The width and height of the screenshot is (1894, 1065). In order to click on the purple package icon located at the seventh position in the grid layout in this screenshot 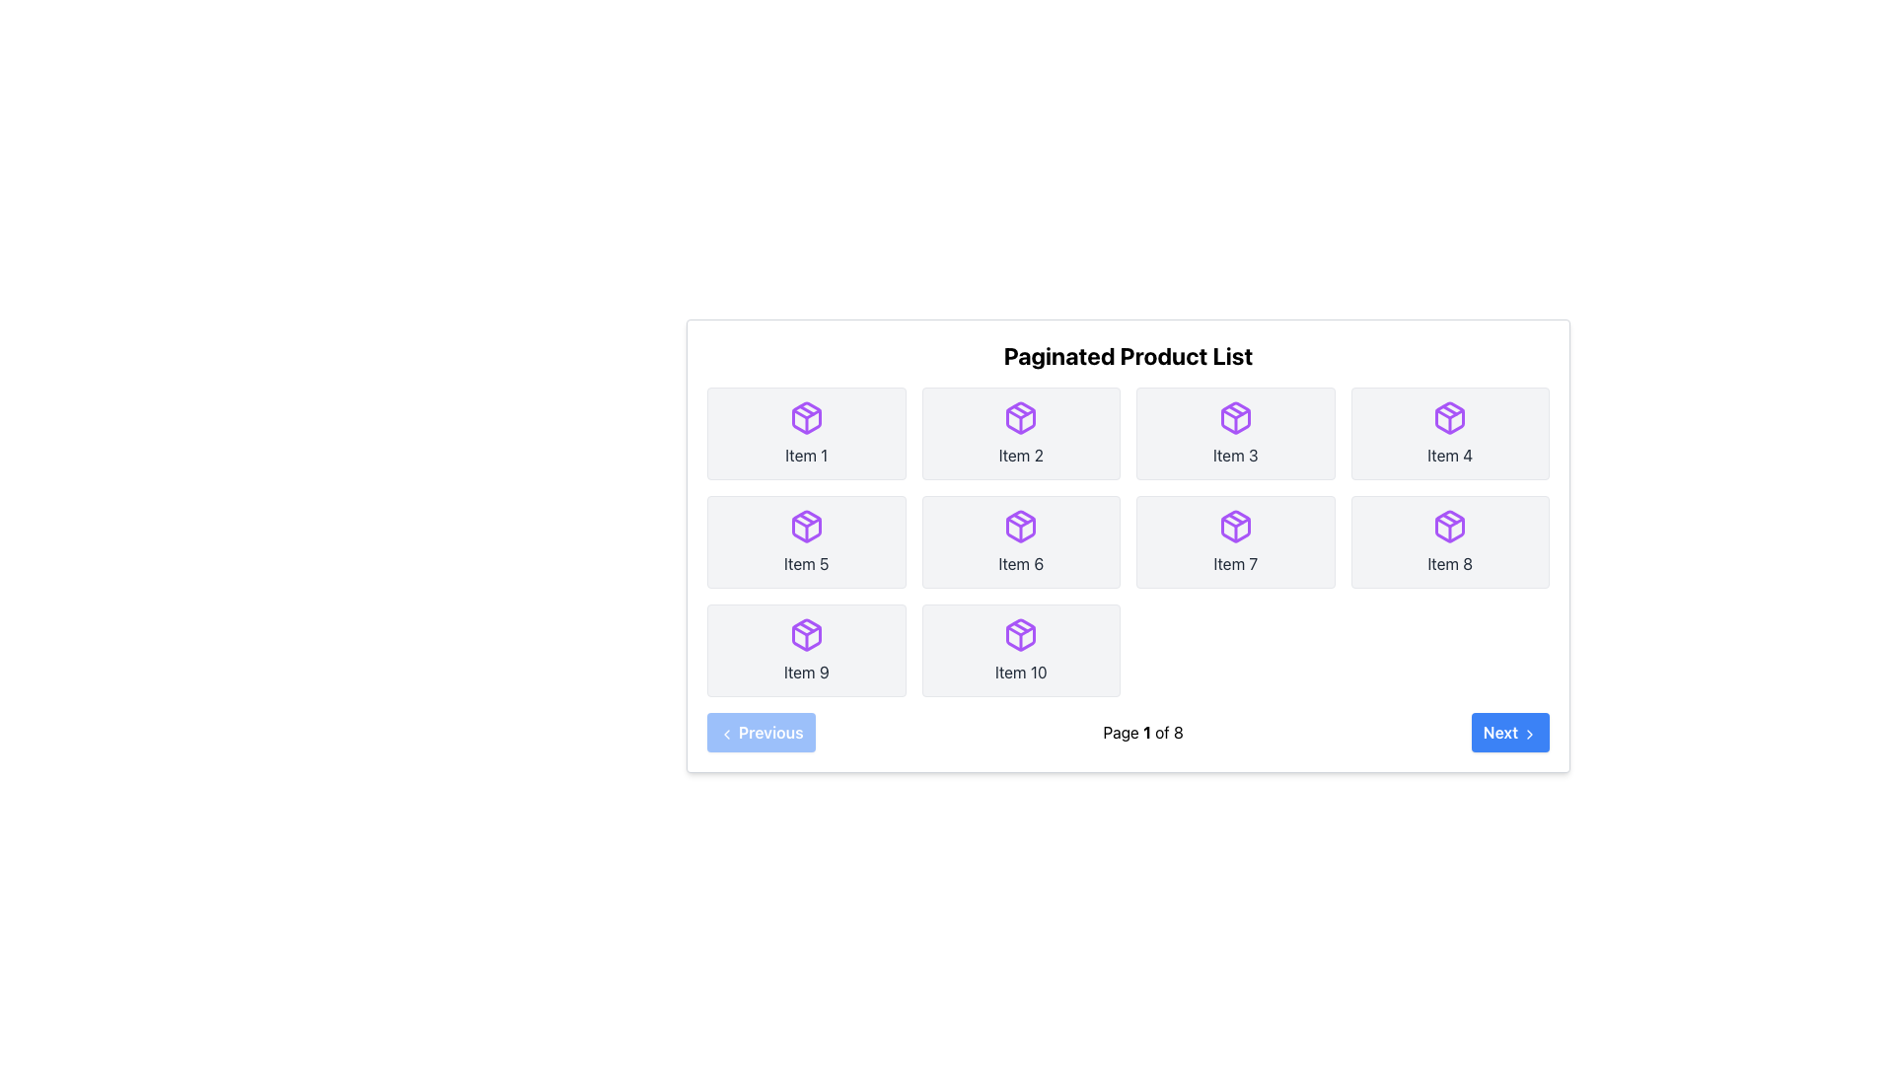, I will do `click(1234, 525)`.